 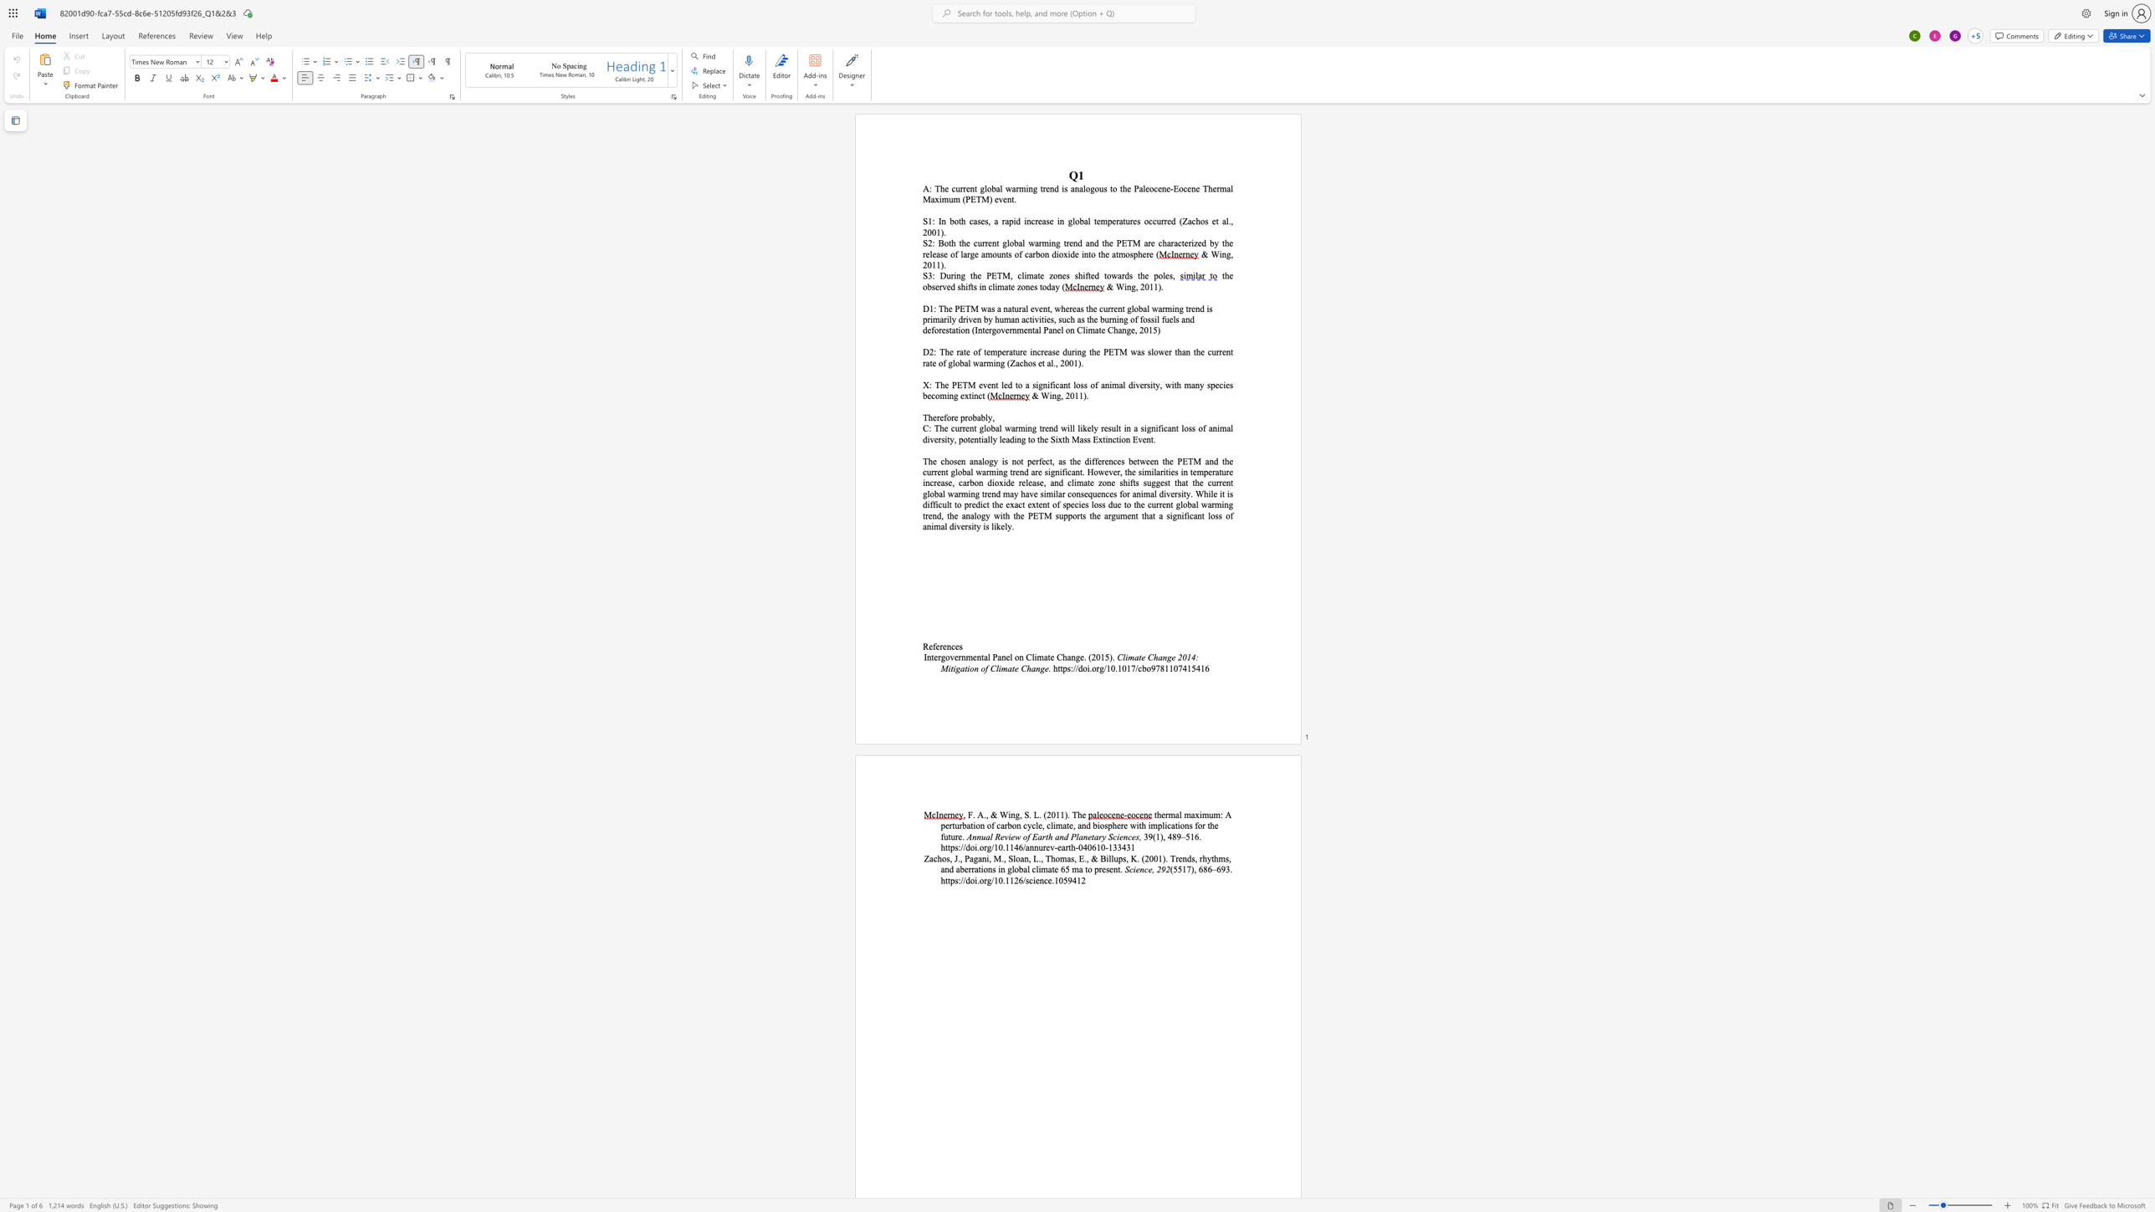 What do you see at coordinates (1189, 858) in the screenshot?
I see `the 1th character "d" in the text` at bounding box center [1189, 858].